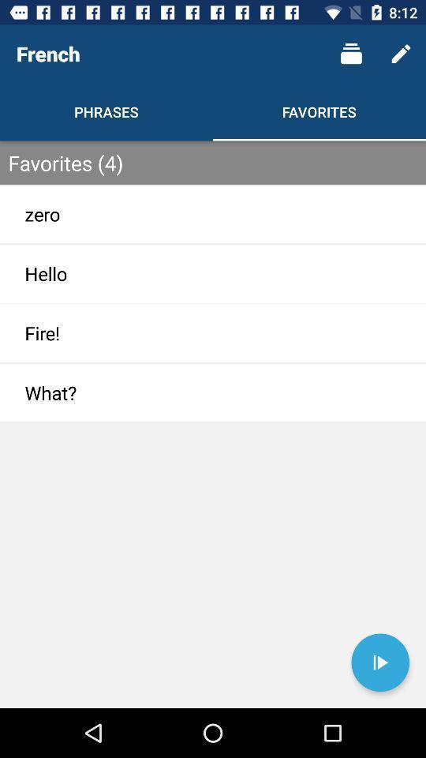 The width and height of the screenshot is (426, 758). I want to click on the icon above favorites icon, so click(351, 54).